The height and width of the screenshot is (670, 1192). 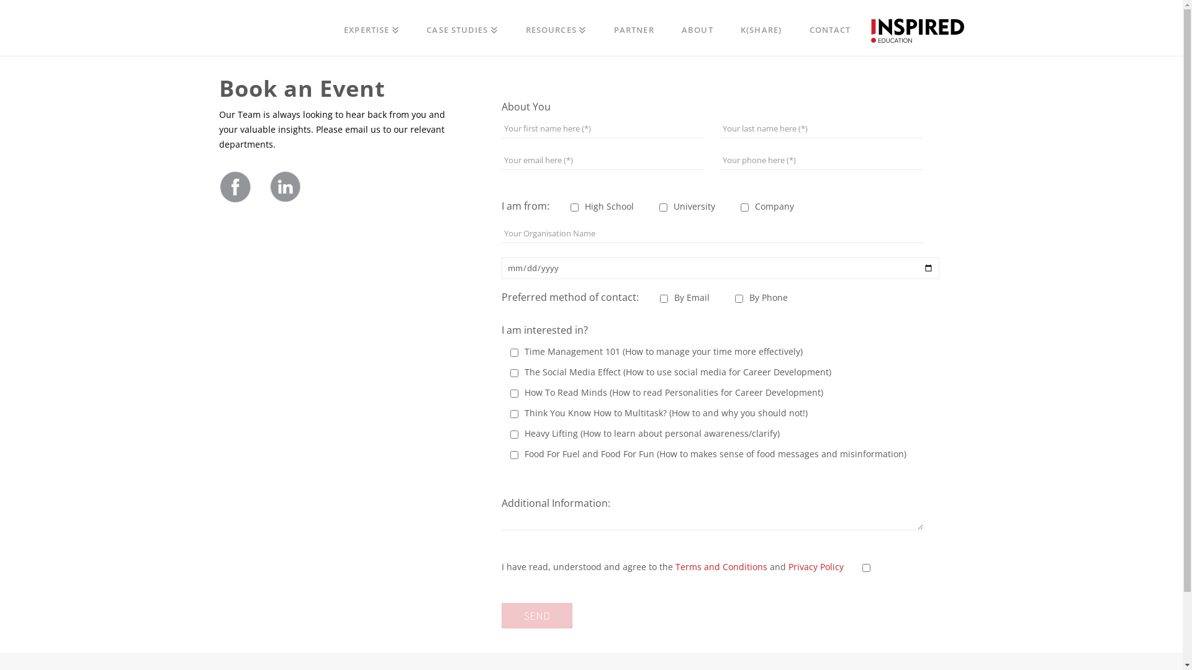 What do you see at coordinates (556, 28) in the screenshot?
I see `'RESOURCES'` at bounding box center [556, 28].